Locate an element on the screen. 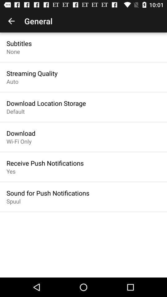 This screenshot has height=297, width=167. the icon below the subtitles is located at coordinates (13, 51).